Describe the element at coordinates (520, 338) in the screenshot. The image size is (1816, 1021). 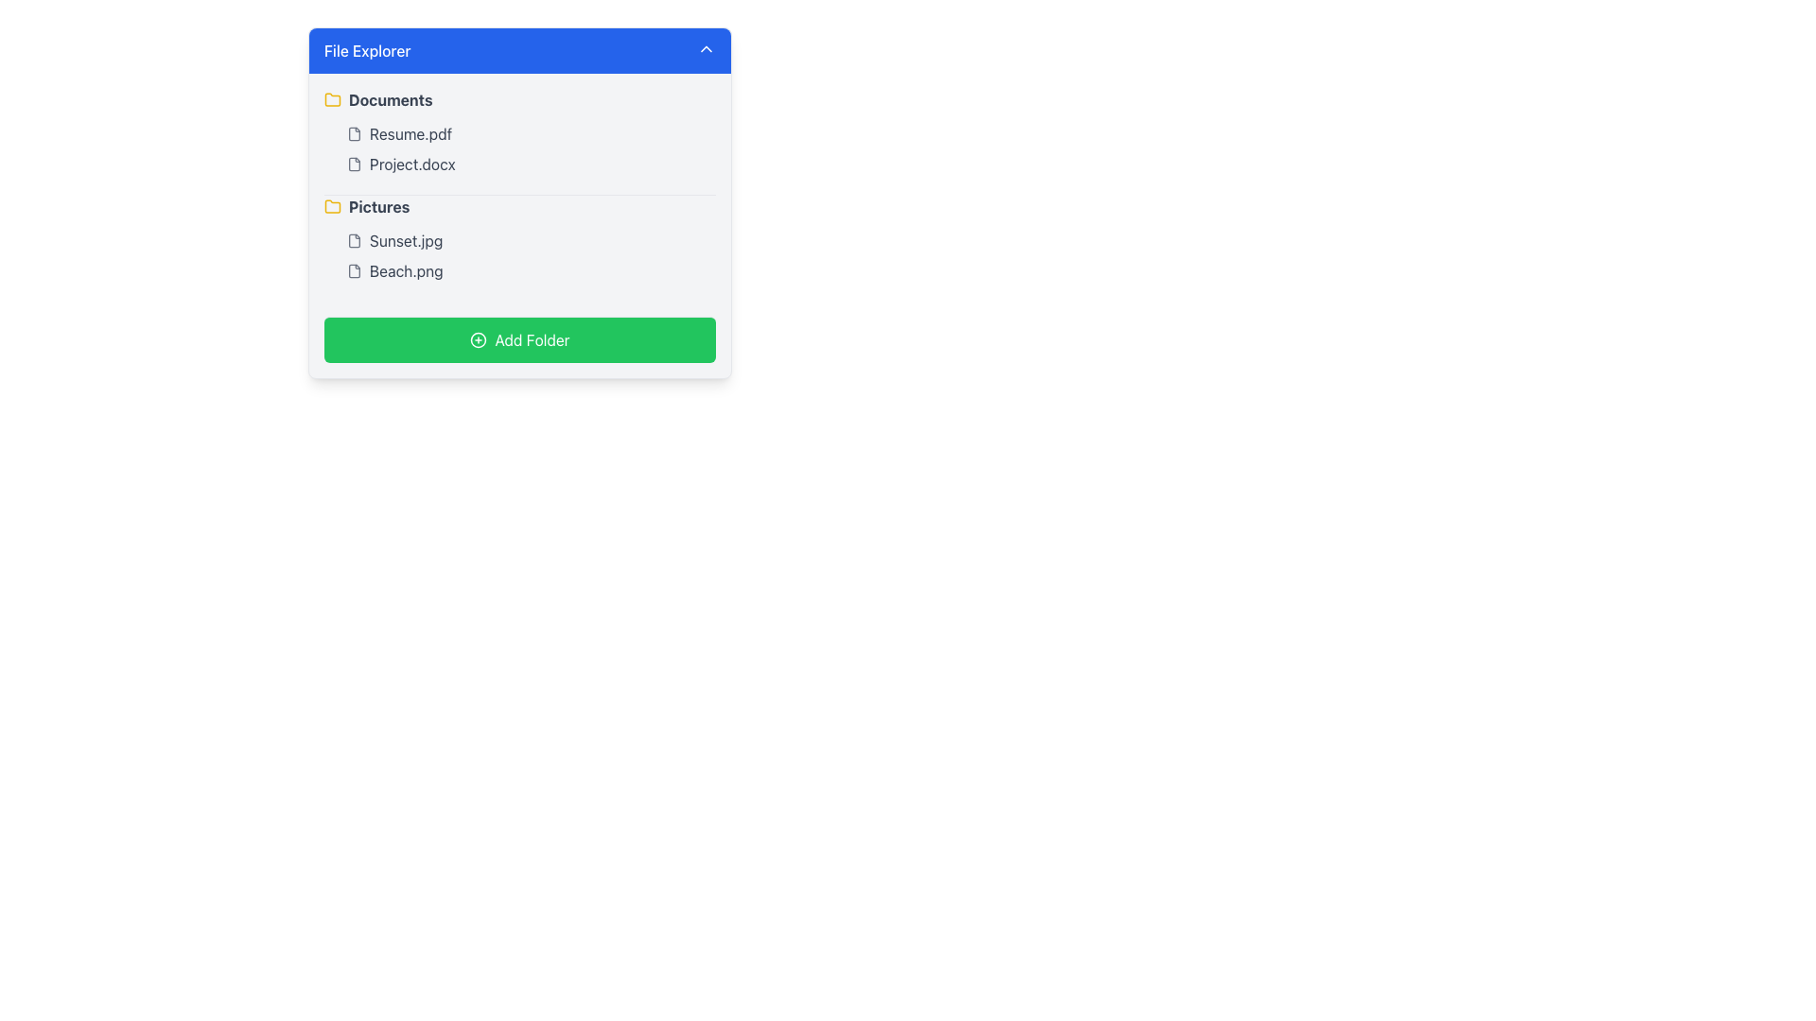
I see `the button located at the bottom center of the file explorer panel` at that location.